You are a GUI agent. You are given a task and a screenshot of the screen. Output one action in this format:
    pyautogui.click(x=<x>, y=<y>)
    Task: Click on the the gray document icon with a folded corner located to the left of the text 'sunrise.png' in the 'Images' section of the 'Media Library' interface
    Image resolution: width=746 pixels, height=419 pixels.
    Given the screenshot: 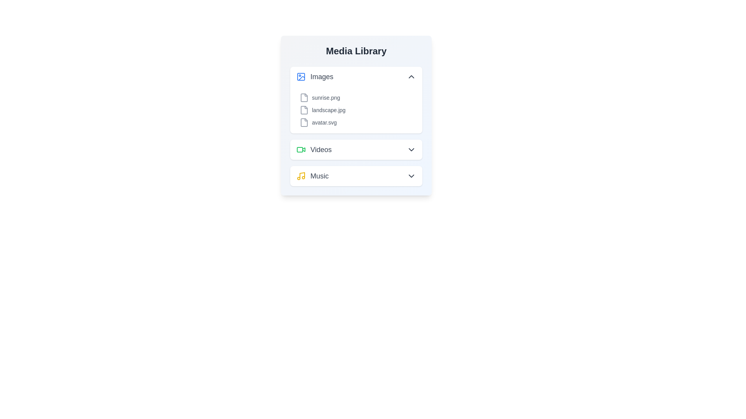 What is the action you would take?
    pyautogui.click(x=303, y=97)
    